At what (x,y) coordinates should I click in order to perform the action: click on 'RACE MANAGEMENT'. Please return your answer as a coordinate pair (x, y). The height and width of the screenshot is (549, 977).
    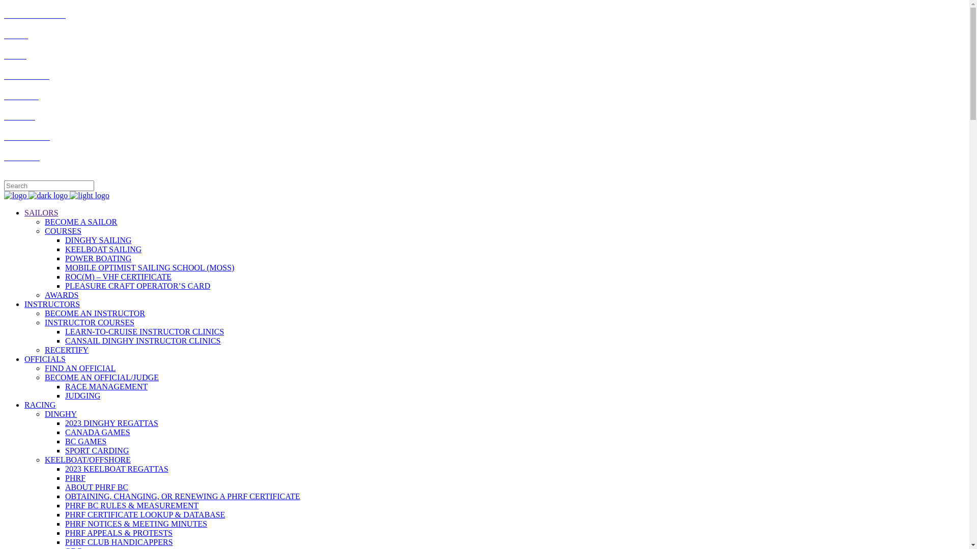
    Looking at the image, I should click on (106, 386).